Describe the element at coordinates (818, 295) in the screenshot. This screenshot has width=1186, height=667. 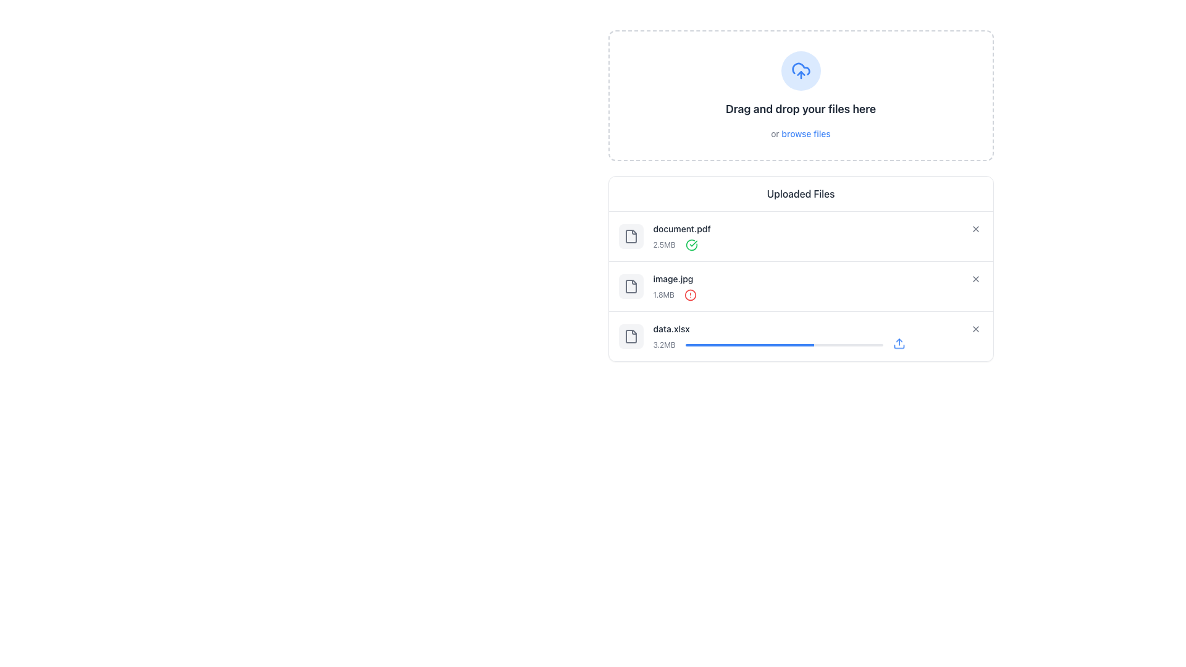
I see `the red alert icon next to the file size '1.8MB' to inspect the alert related to the file` at that location.